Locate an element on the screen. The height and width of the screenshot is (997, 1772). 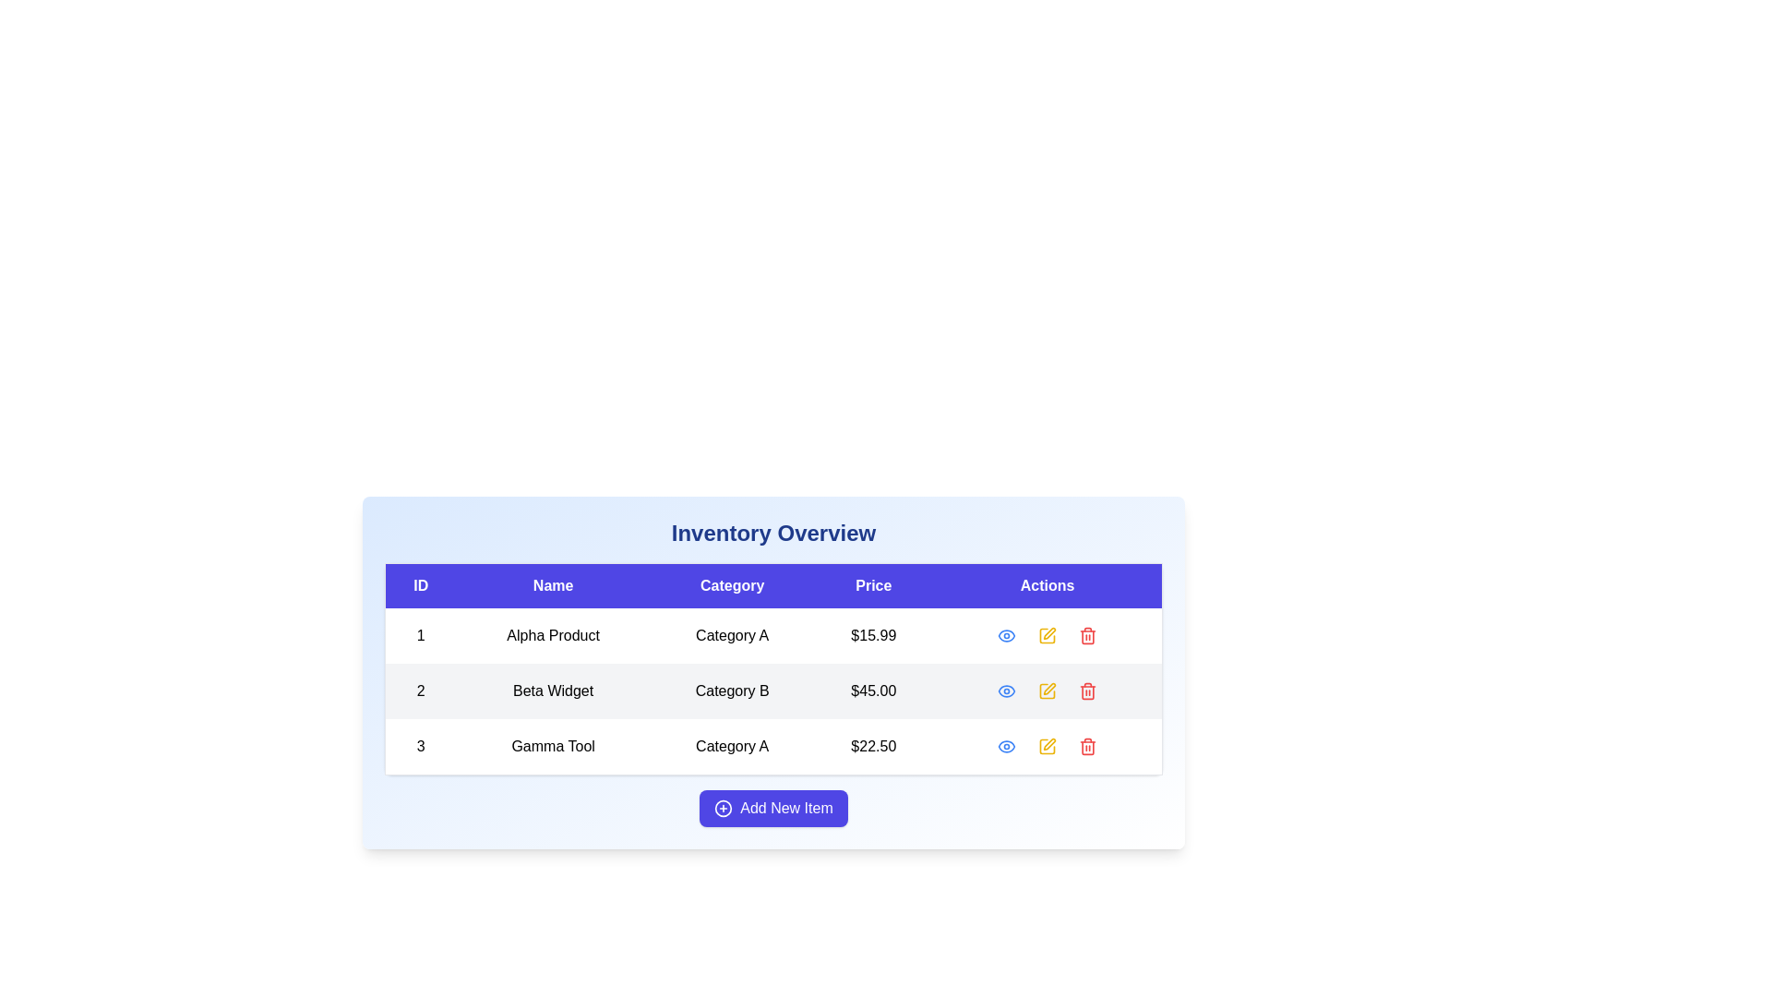
the pen icon in the bottom row of the 'Actions' column to initiate an edit action for the item 'Gamma Tool' is located at coordinates (1049, 743).